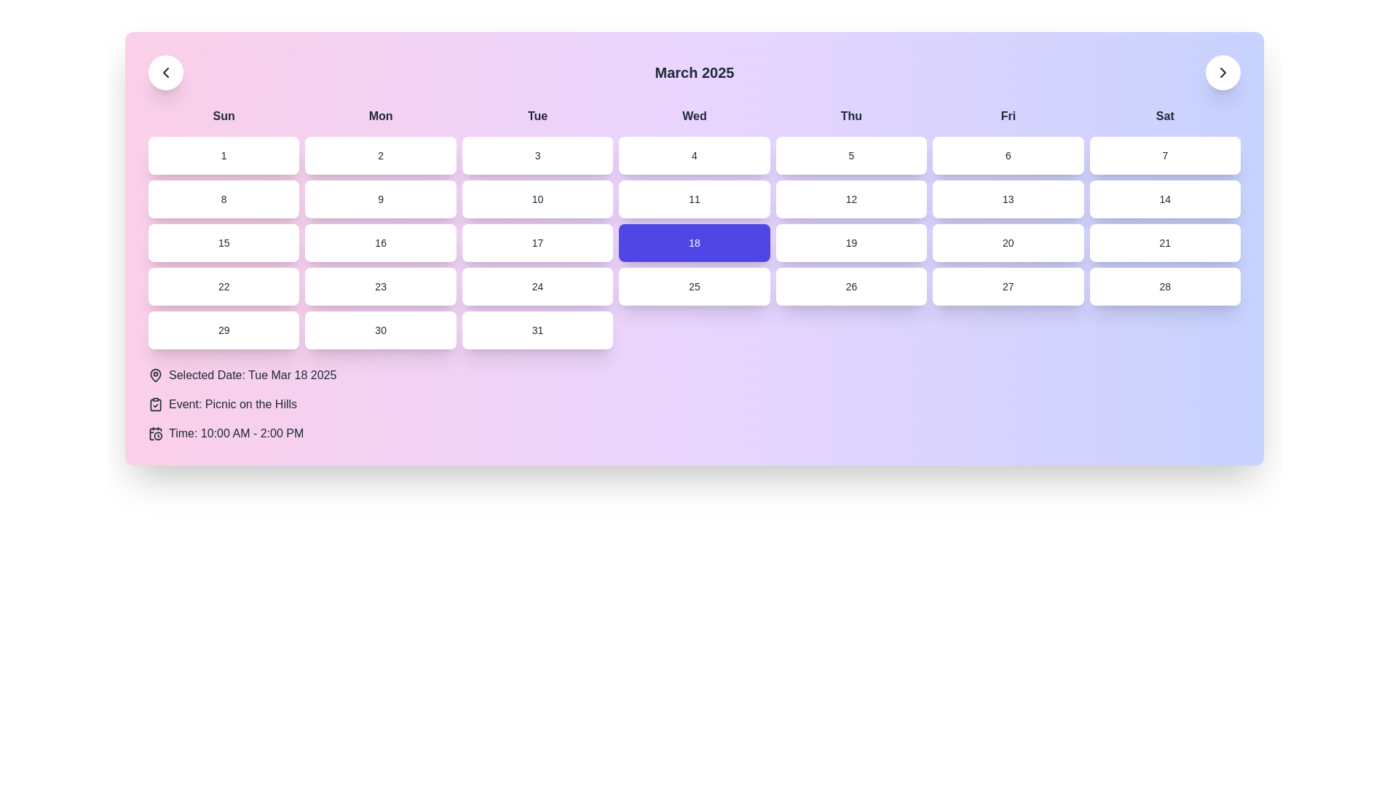 The width and height of the screenshot is (1398, 786). What do you see at coordinates (851, 155) in the screenshot?
I see `the button labeled '5' in the calendar grid` at bounding box center [851, 155].